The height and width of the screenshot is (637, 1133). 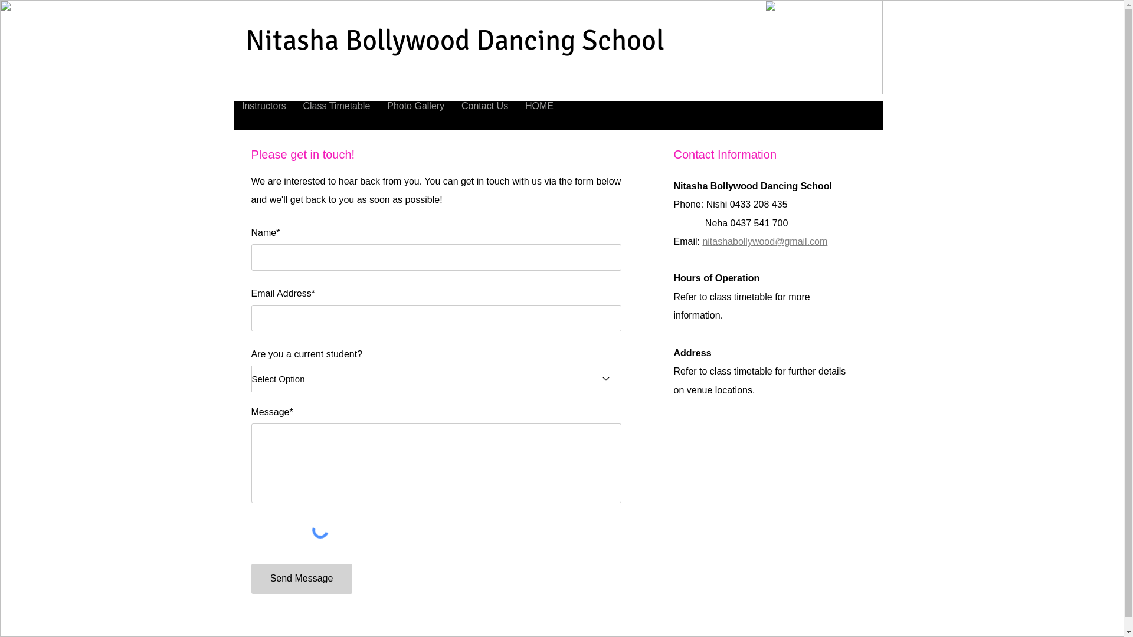 I want to click on 'Send Message', so click(x=302, y=578).